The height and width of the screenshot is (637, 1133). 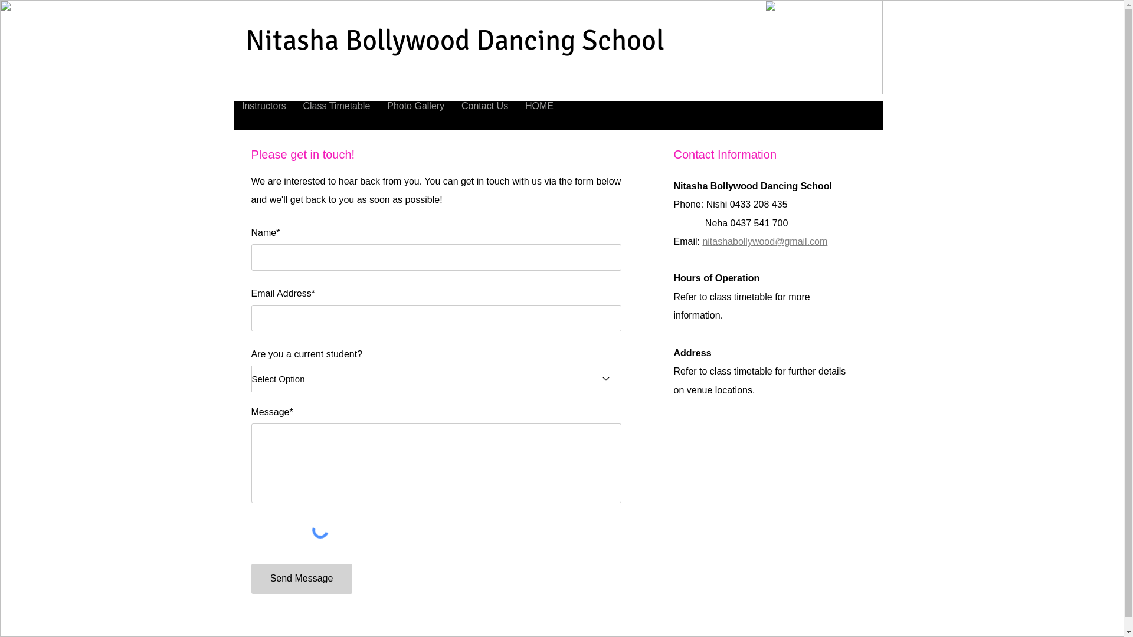 I want to click on 'Send Message', so click(x=302, y=578).